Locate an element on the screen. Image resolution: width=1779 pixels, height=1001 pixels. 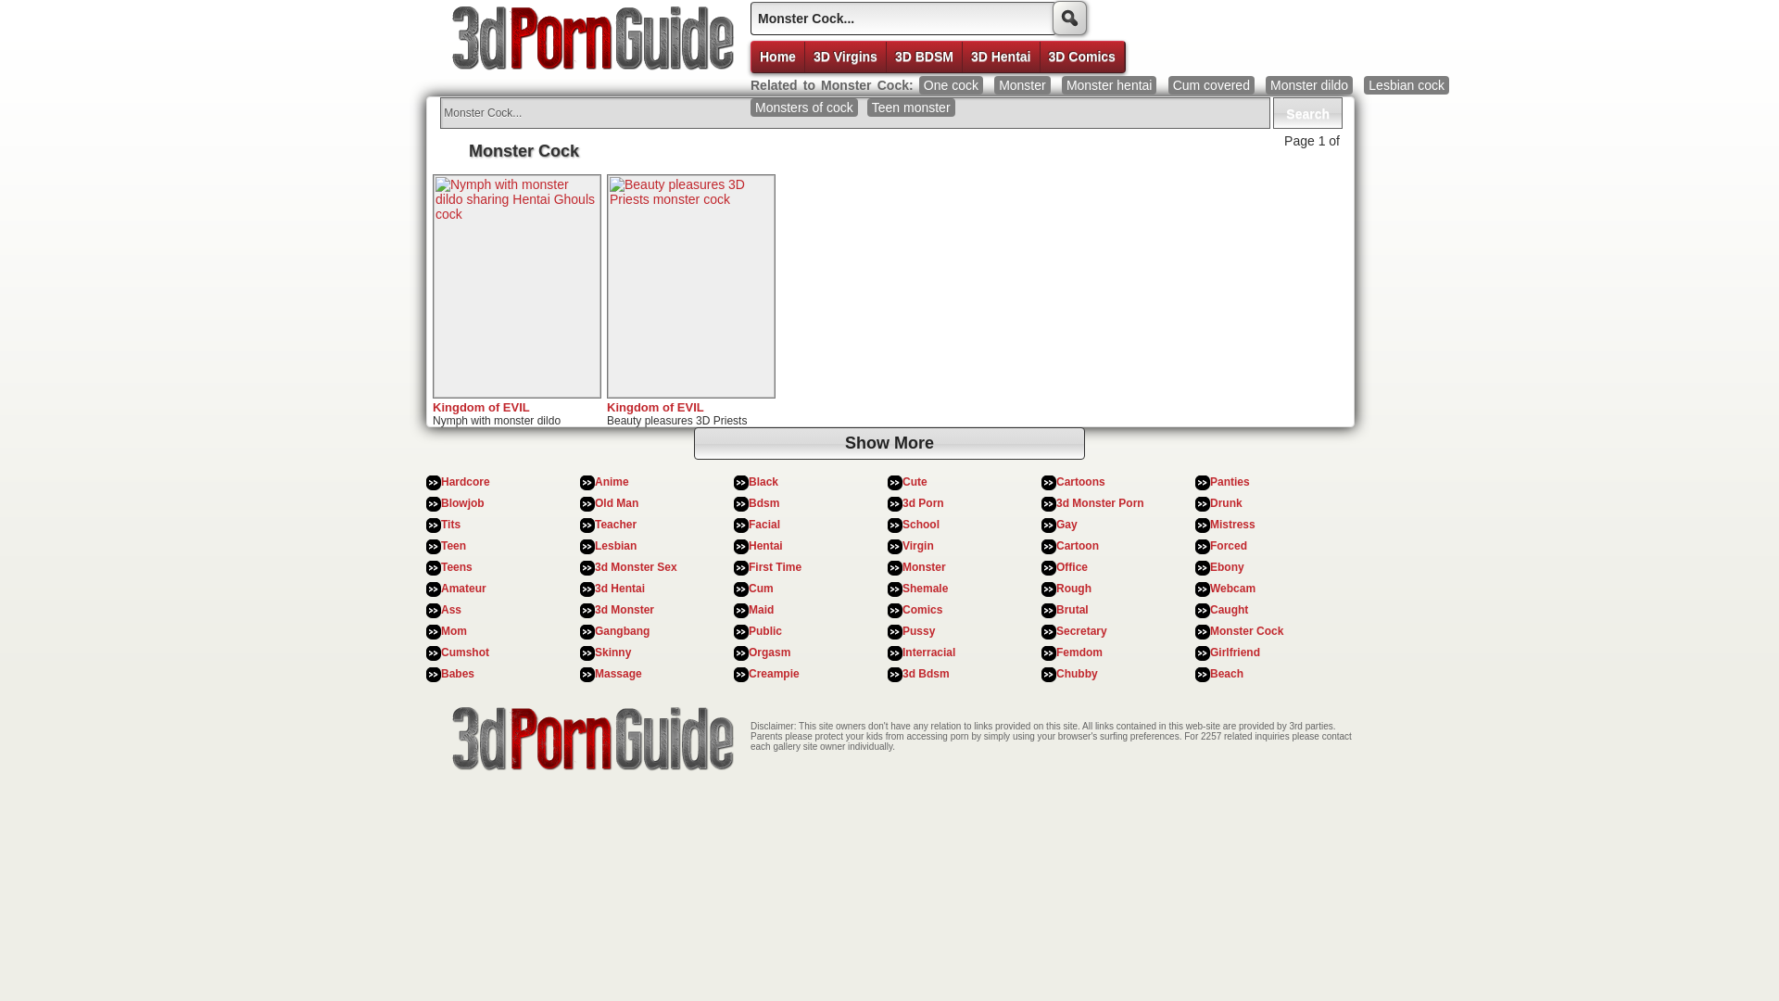
'3D Hentai' is located at coordinates (1000, 56).